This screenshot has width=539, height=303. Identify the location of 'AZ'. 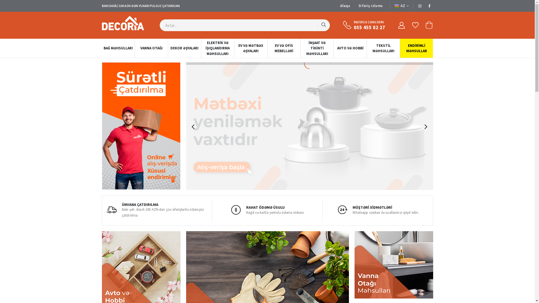
(401, 6).